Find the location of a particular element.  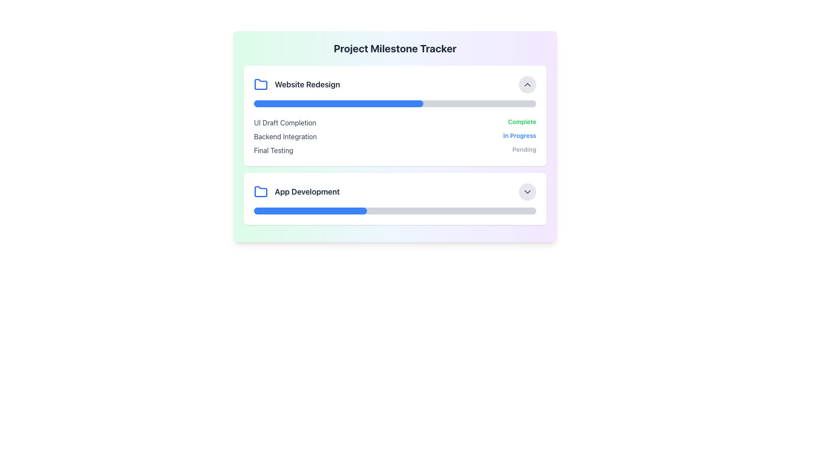

the icon representing 'App Development', which is located at the far left of the 'App Development' section, aligned horizontally with the text is located at coordinates (261, 191).